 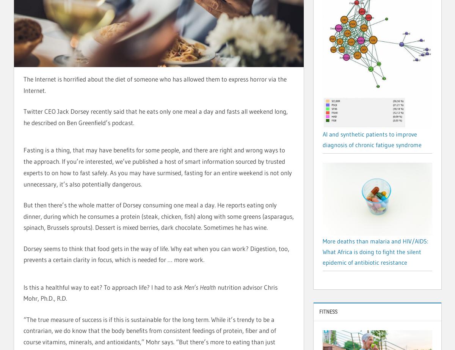 What do you see at coordinates (158, 166) in the screenshot?
I see `'Fasting is a thing, that may have benefits for some people, and there are right and wrong ways to the approach. If you’re interested, we’ve published a host of smart information sourced by trusted experts to on how to fast safely. As you may have surmised, fasting for an entire weekend is not only unnecessary, it’s also potentially dangerous.'` at bounding box center [158, 166].